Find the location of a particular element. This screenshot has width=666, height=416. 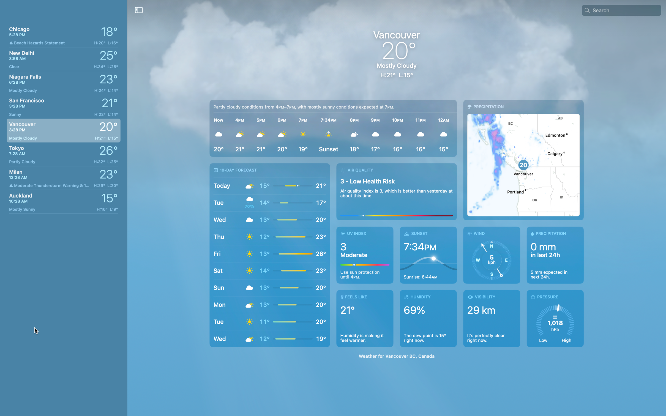

Alter the current city to London using the search field is located at coordinates (625, 10).